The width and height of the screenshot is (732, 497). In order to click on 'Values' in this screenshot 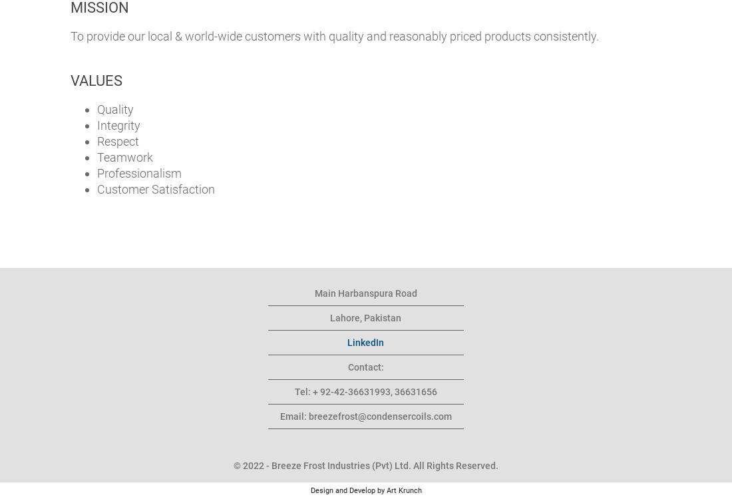, I will do `click(95, 81)`.